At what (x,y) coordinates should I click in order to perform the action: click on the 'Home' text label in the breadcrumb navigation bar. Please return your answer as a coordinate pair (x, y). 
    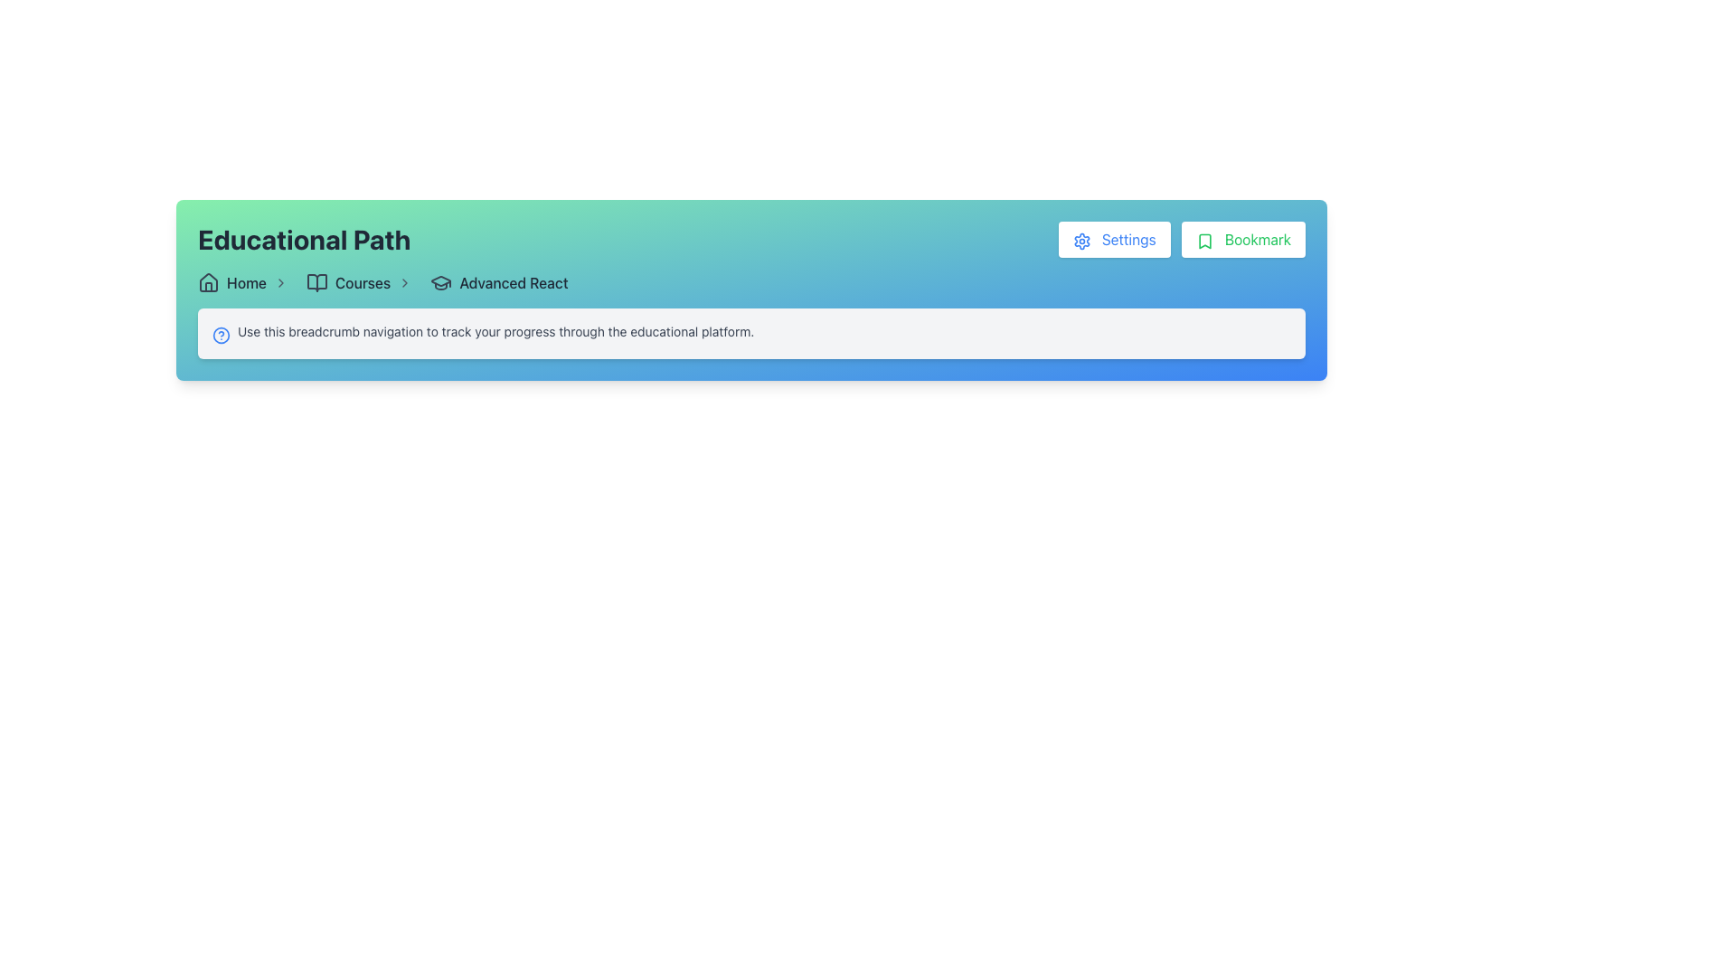
    Looking at the image, I should click on (246, 282).